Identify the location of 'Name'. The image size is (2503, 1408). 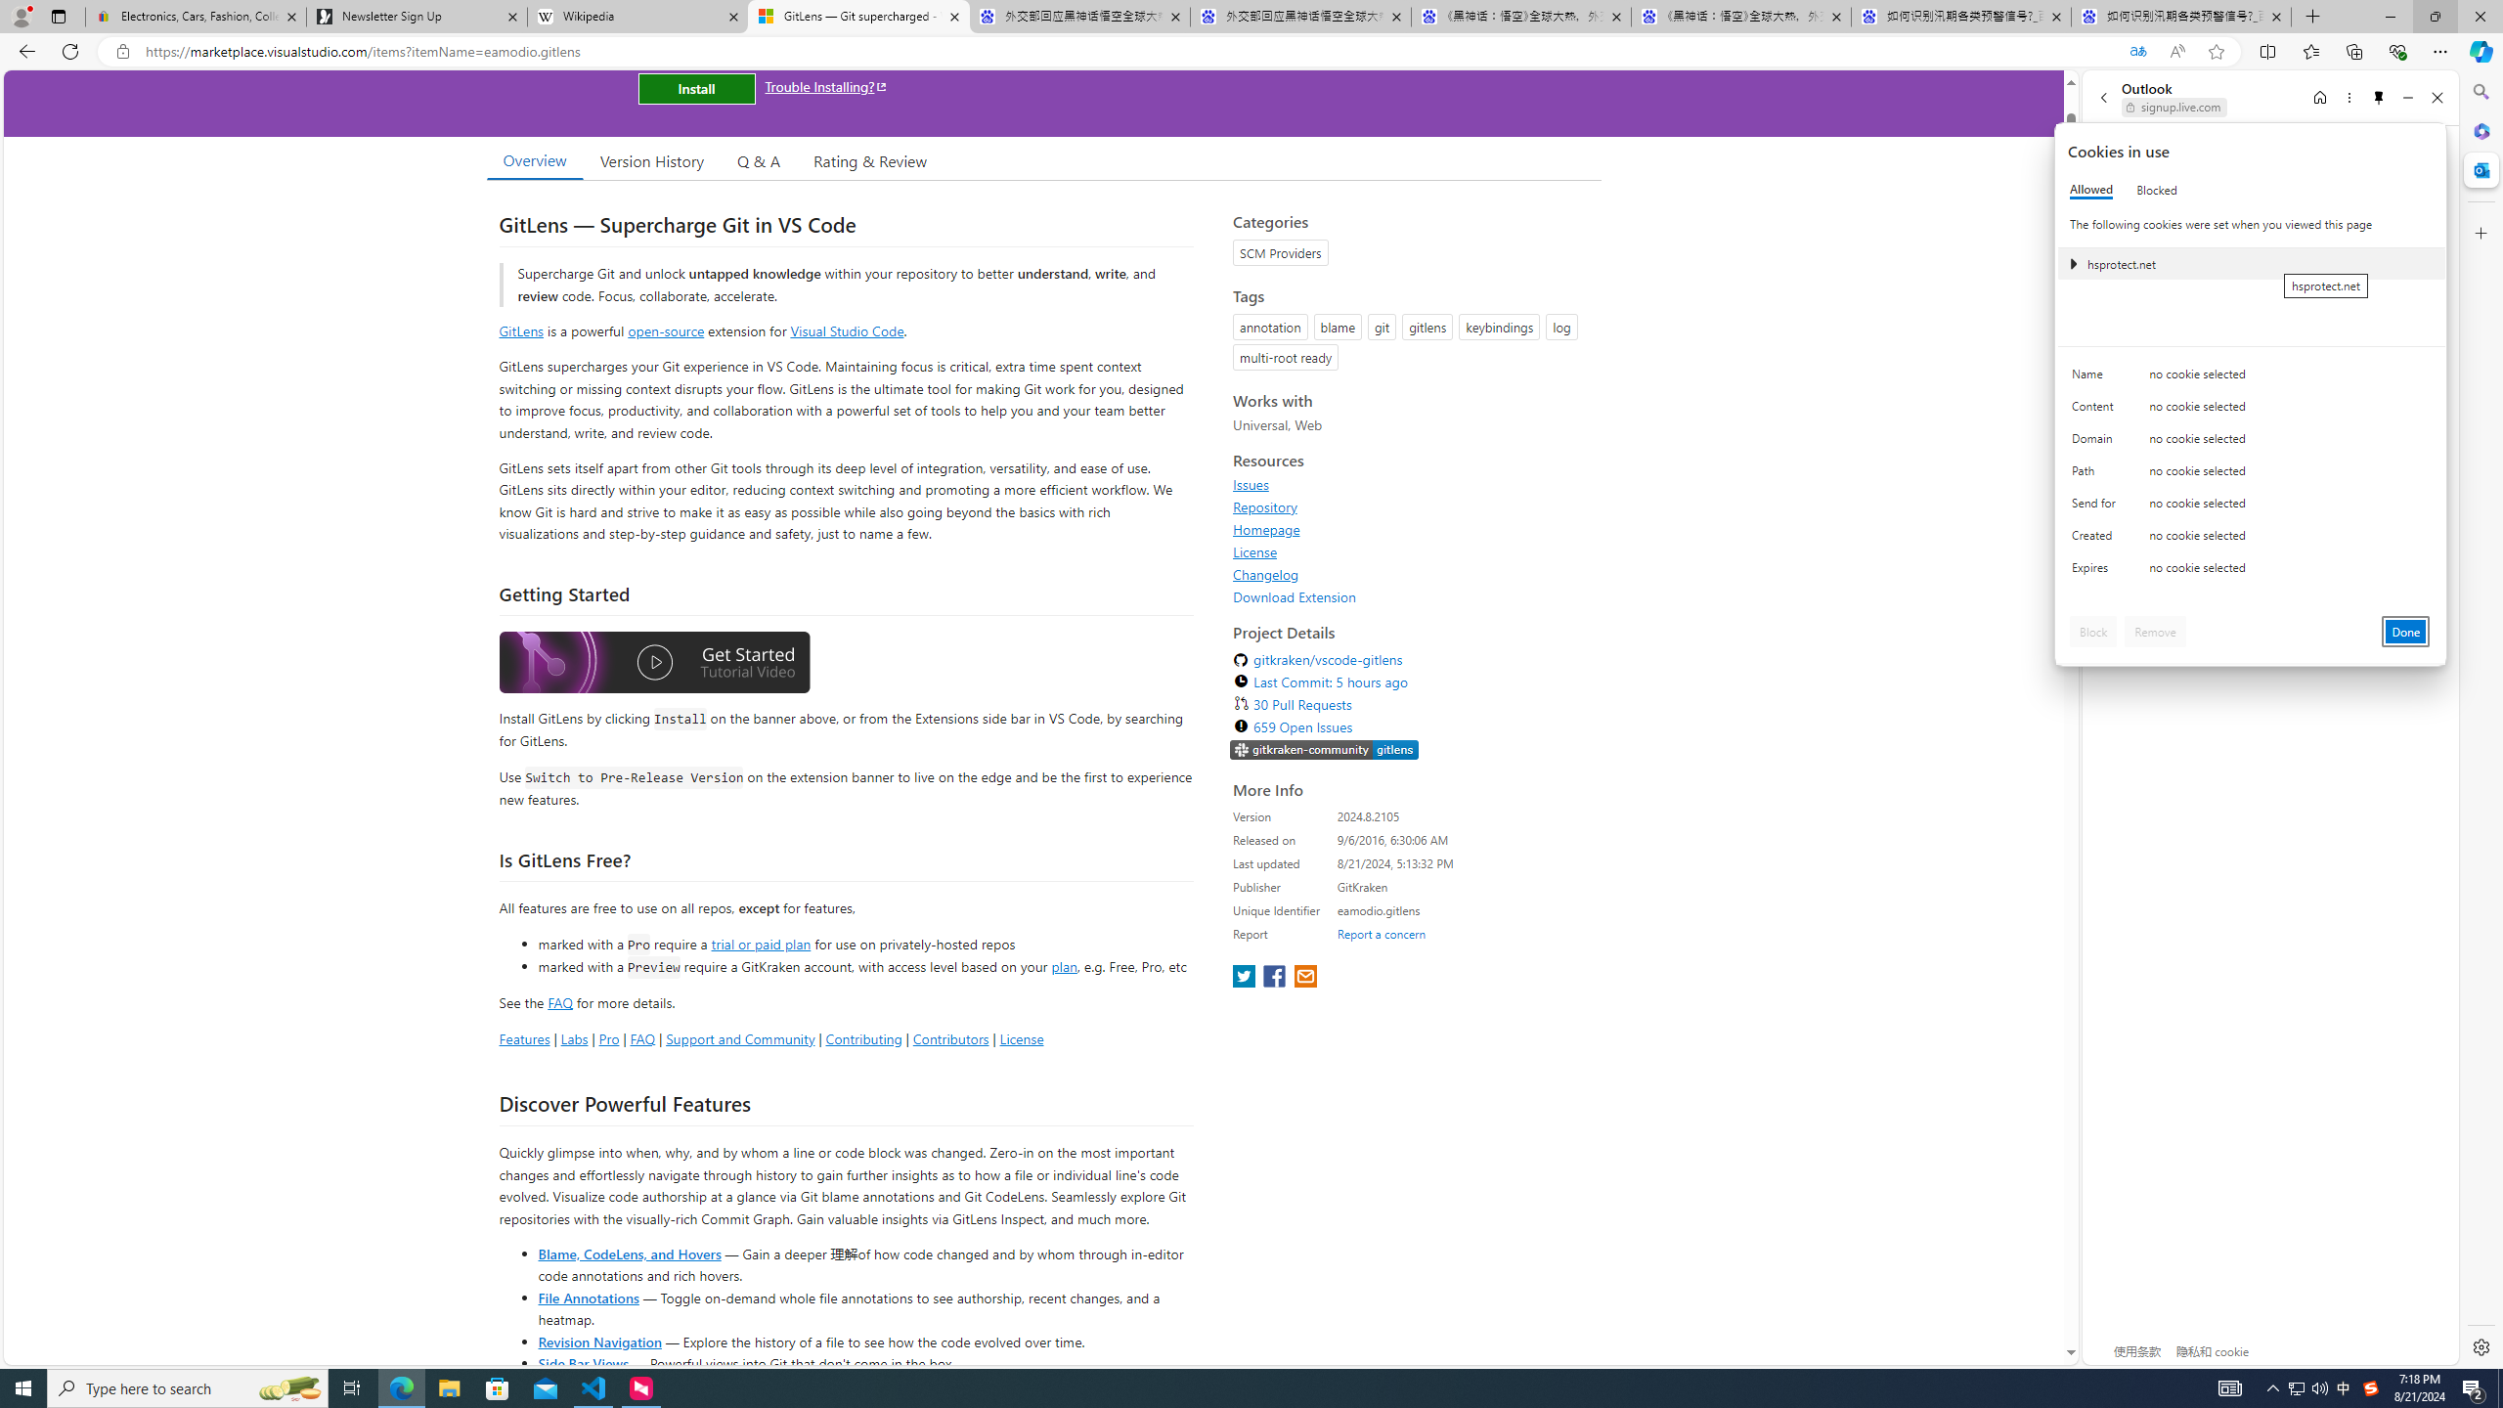
(2096, 377).